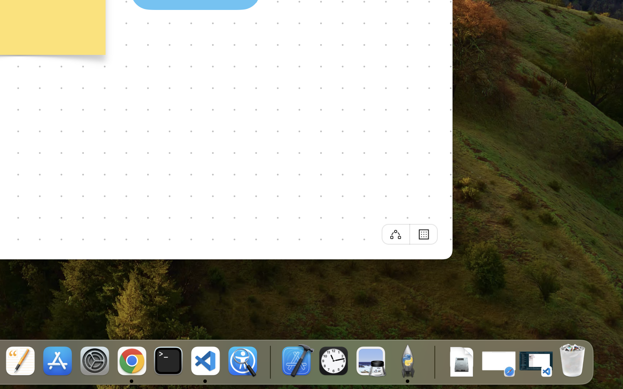 The width and height of the screenshot is (623, 389). What do you see at coordinates (395, 233) in the screenshot?
I see `'Off'` at bounding box center [395, 233].